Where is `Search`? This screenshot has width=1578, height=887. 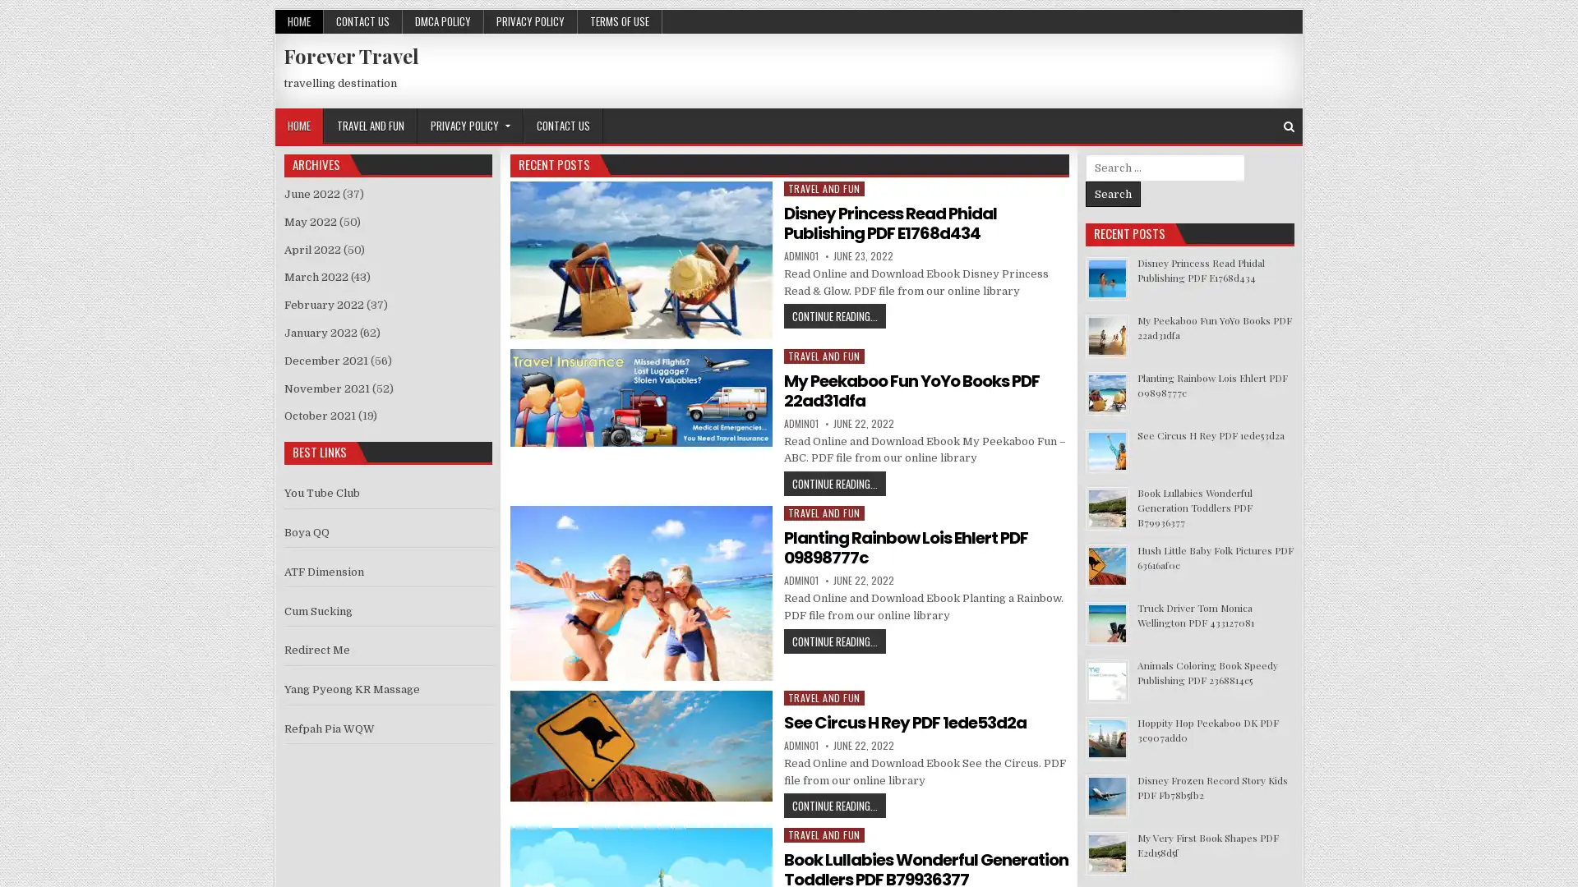
Search is located at coordinates (1113, 193).